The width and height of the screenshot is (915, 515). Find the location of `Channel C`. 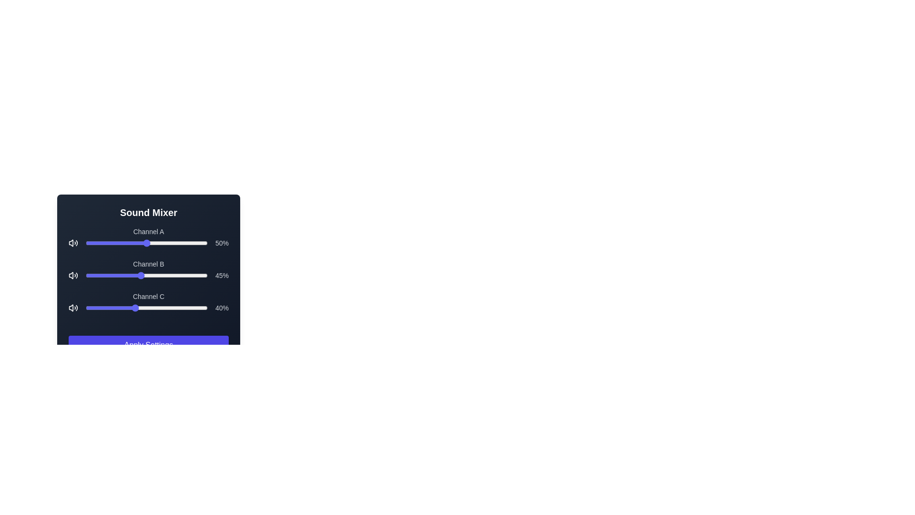

Channel C is located at coordinates (121, 308).